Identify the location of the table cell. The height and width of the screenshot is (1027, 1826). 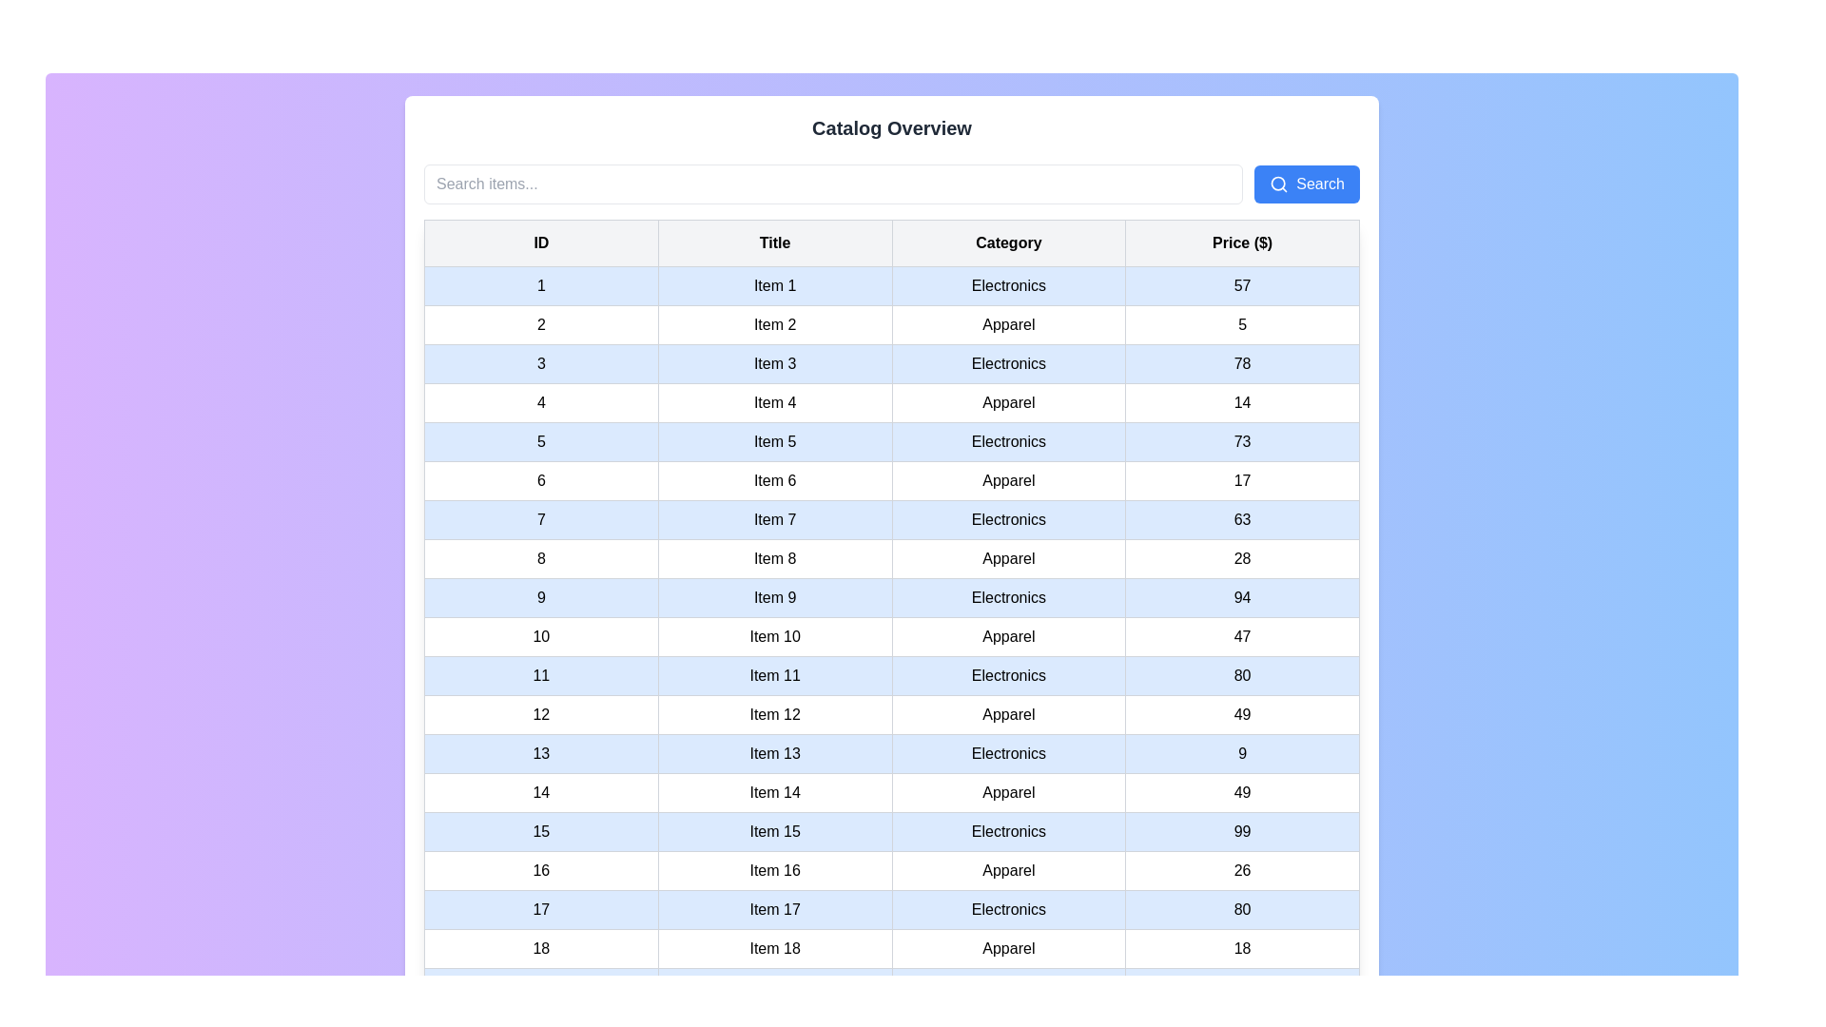
(540, 637).